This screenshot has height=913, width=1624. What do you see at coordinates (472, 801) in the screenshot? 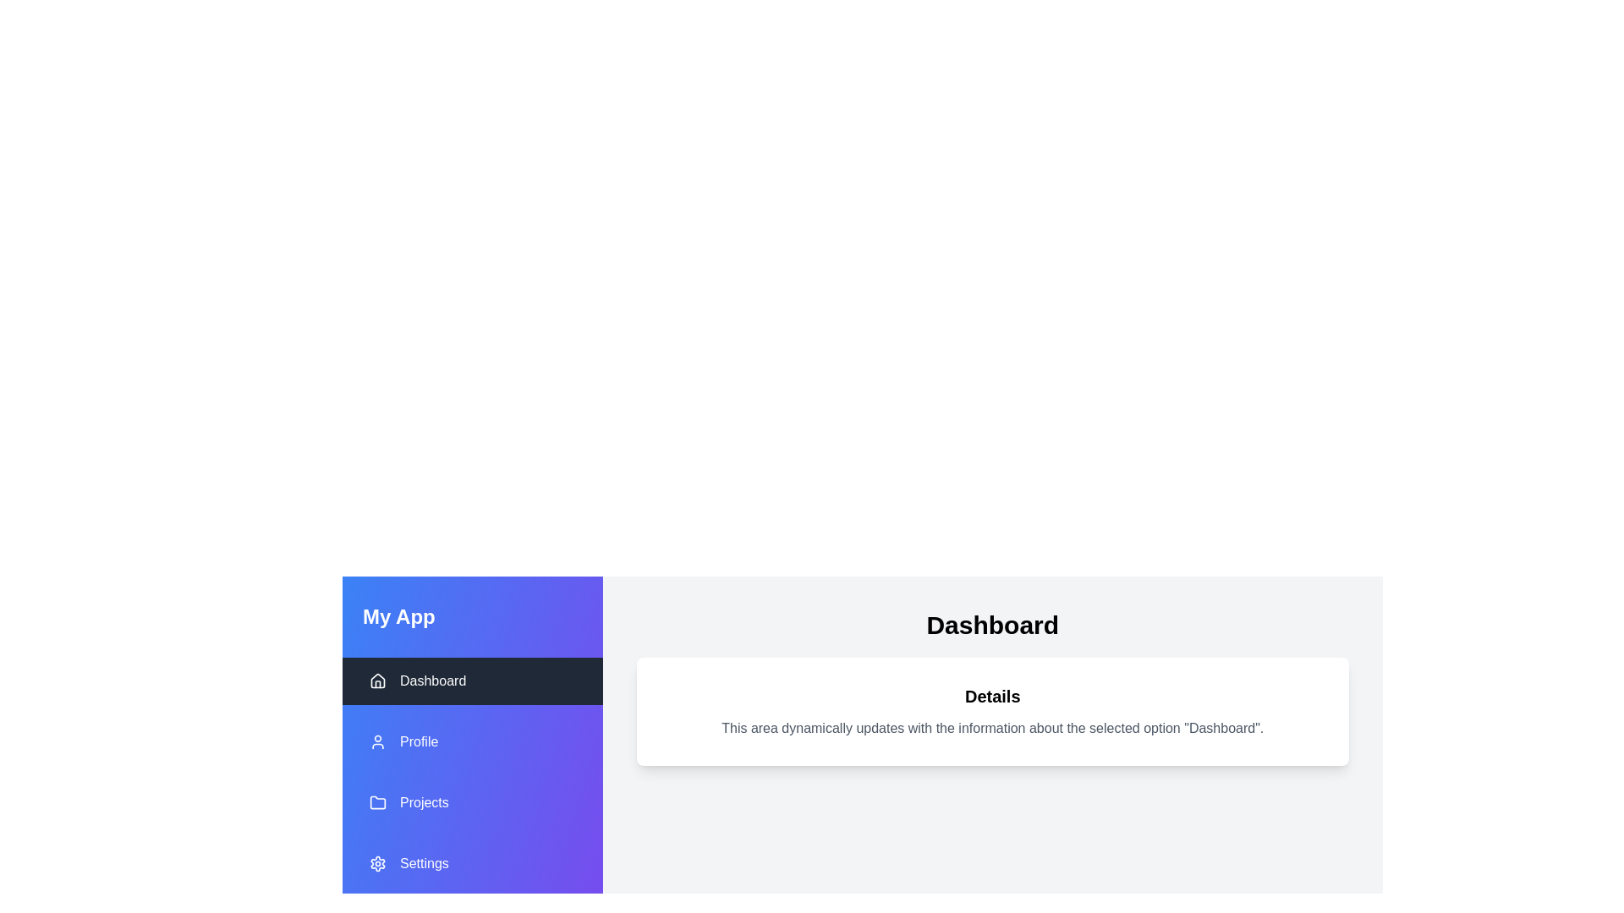
I see `the menu item Projects to view its details` at bounding box center [472, 801].